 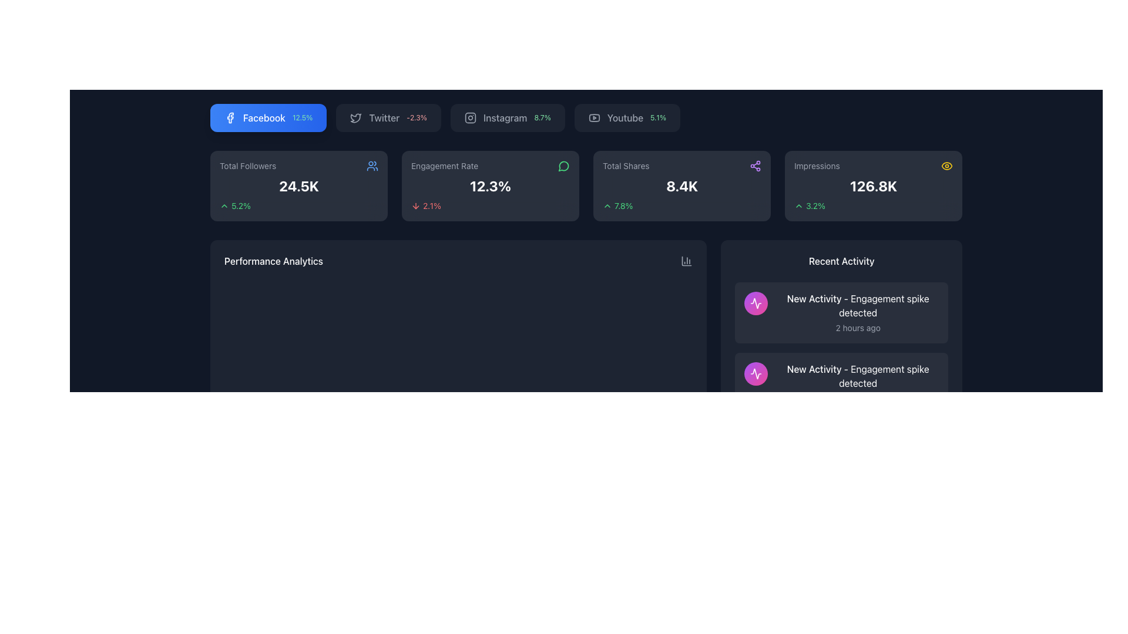 What do you see at coordinates (303, 117) in the screenshot?
I see `text displayed in the percentage data label associated with the 'Facebook' label, which is located to the right of the 'Facebook' button in the menu bar` at bounding box center [303, 117].